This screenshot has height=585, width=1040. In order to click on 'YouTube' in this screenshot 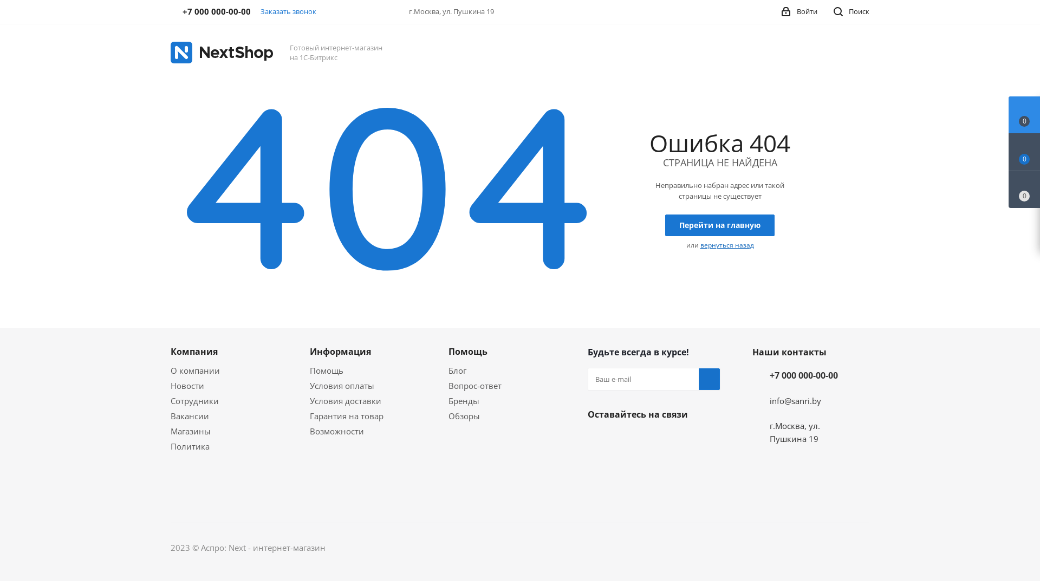, I will do `click(626, 466)`.